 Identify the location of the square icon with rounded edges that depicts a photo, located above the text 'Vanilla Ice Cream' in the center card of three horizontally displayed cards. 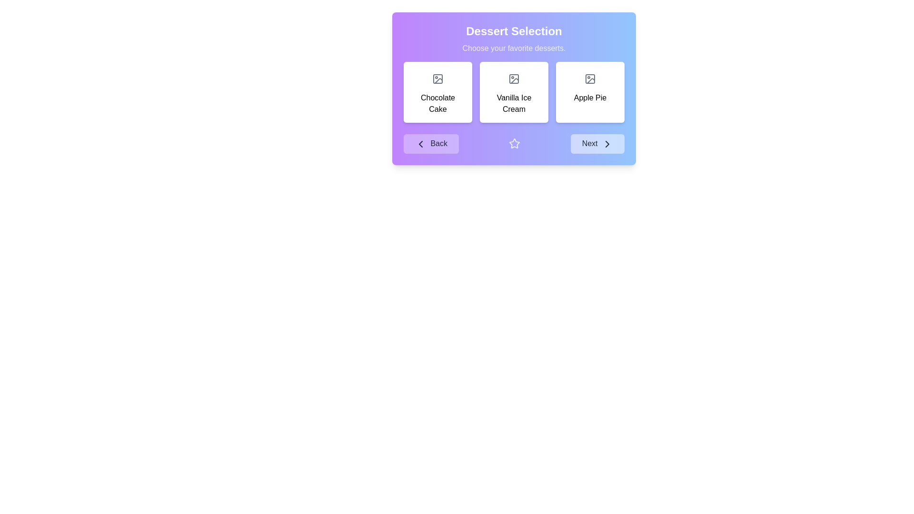
(514, 78).